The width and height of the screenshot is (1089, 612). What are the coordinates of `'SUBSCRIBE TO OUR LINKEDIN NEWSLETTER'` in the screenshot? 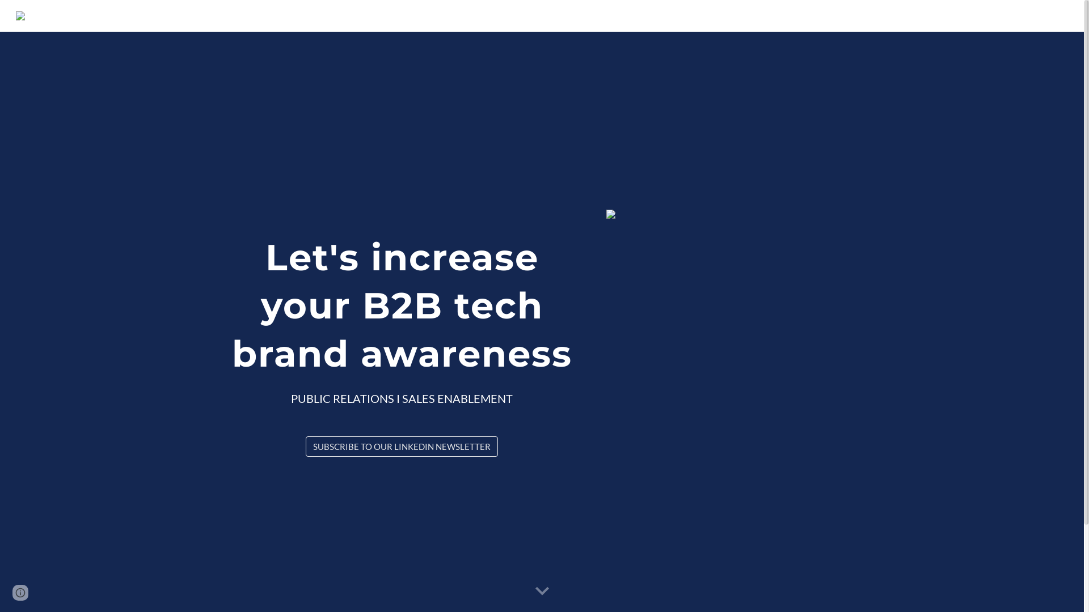 It's located at (402, 445).